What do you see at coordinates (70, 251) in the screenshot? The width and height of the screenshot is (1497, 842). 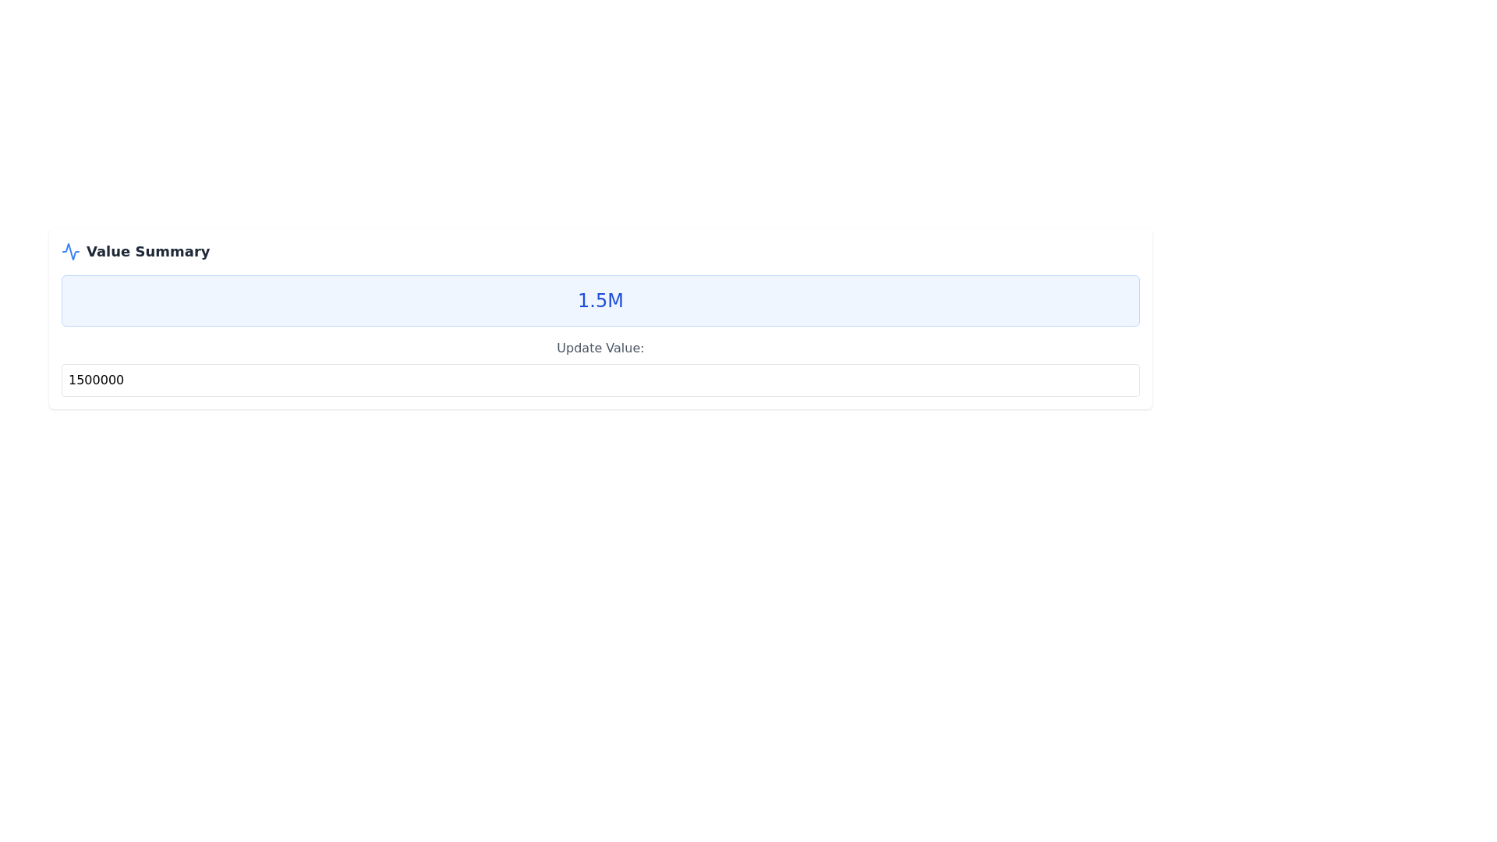 I see `the small blue icon resembling an activity chart or heartbeat waveform located to the left of the bold text label 'Value Summary'` at bounding box center [70, 251].